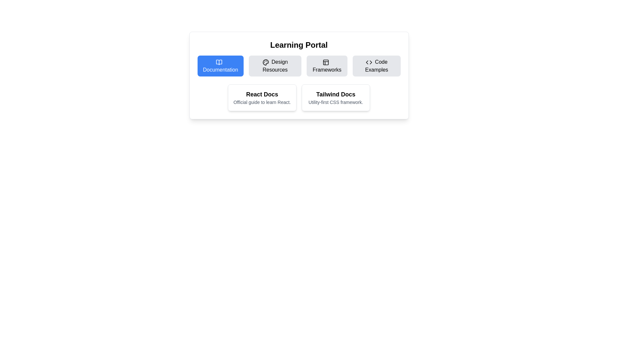 This screenshot has width=627, height=353. What do you see at coordinates (275, 66) in the screenshot?
I see `the 'Design Resources' button, which has a light gray background and a palette icon` at bounding box center [275, 66].